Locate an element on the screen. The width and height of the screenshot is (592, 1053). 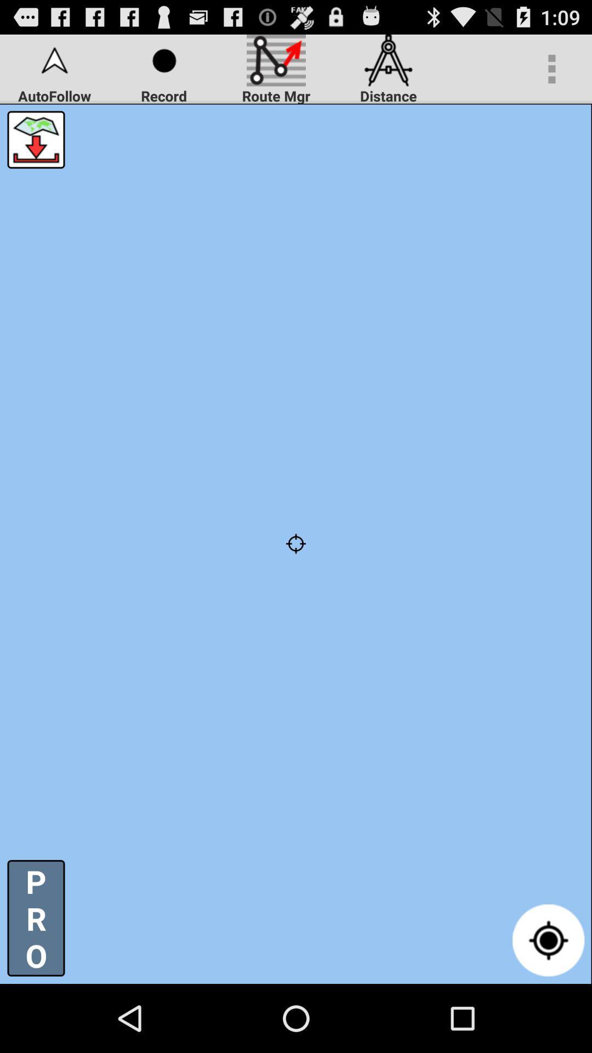
down loading is located at coordinates (35, 139).